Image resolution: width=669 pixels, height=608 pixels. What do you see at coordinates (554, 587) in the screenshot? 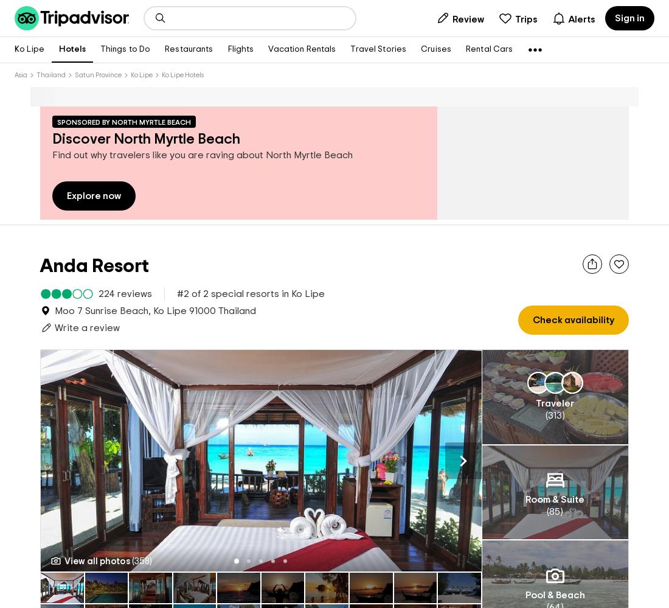
I see `'64'` at bounding box center [554, 587].